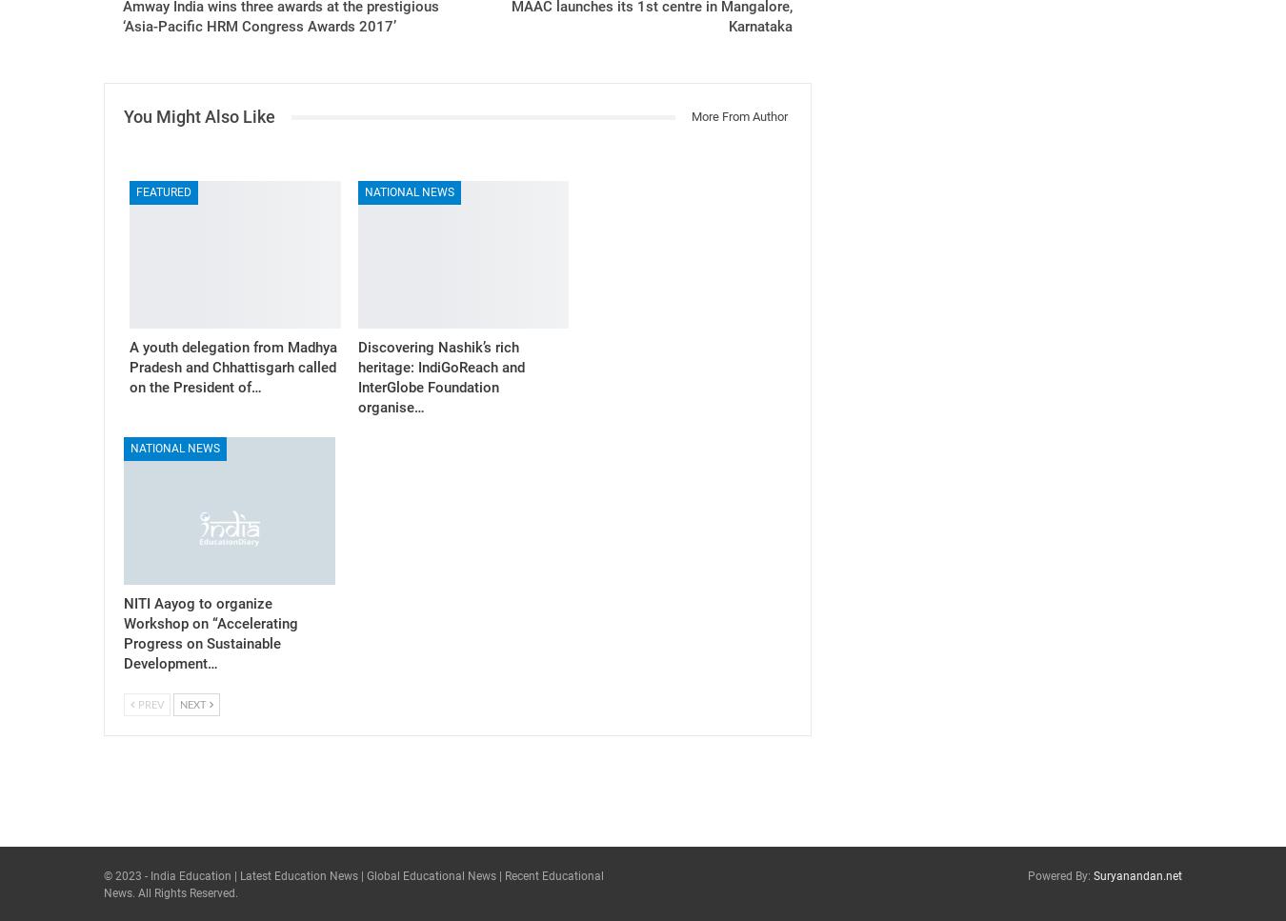 The width and height of the screenshot is (1286, 921). Describe the element at coordinates (199, 115) in the screenshot. I see `'You might also like'` at that location.